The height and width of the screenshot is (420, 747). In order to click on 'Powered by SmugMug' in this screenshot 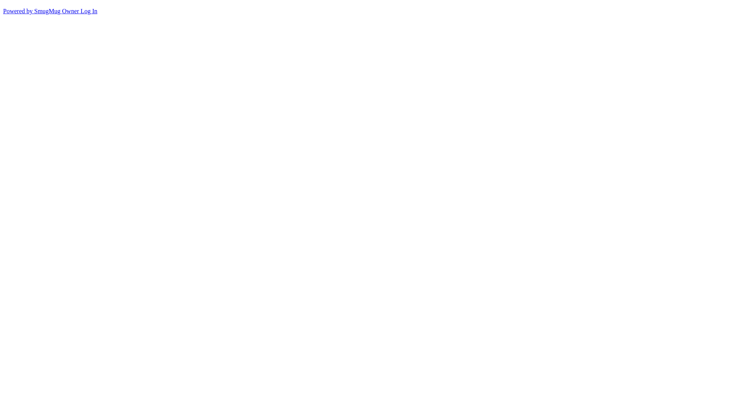, I will do `click(32, 11)`.